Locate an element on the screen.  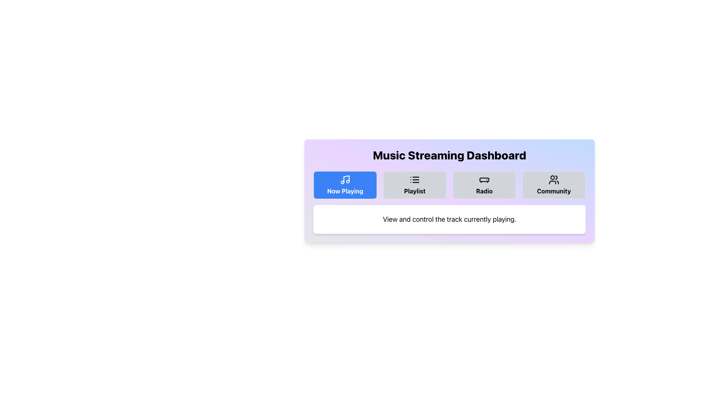
the 'Radio' navigation button located in the third position of the horizontal row of buttons, between 'Playlist' and 'Community' is located at coordinates (484, 185).